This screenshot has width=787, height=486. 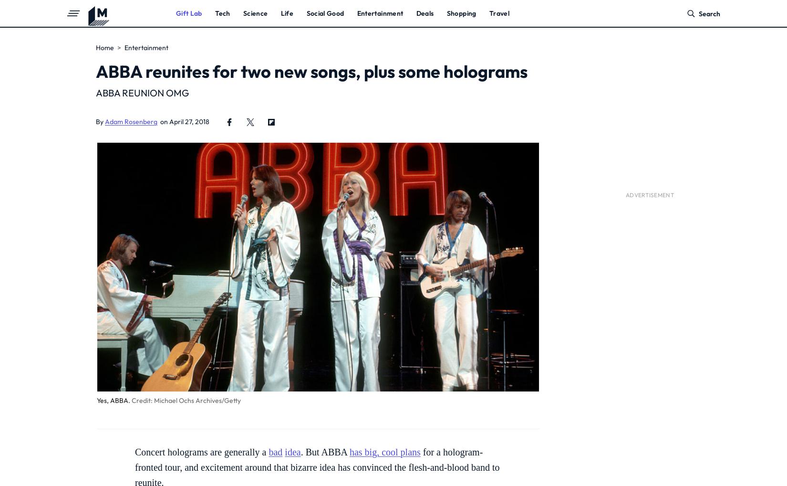 I want to click on 'ABBA reunites for two new songs, plus some holograms', so click(x=311, y=71).